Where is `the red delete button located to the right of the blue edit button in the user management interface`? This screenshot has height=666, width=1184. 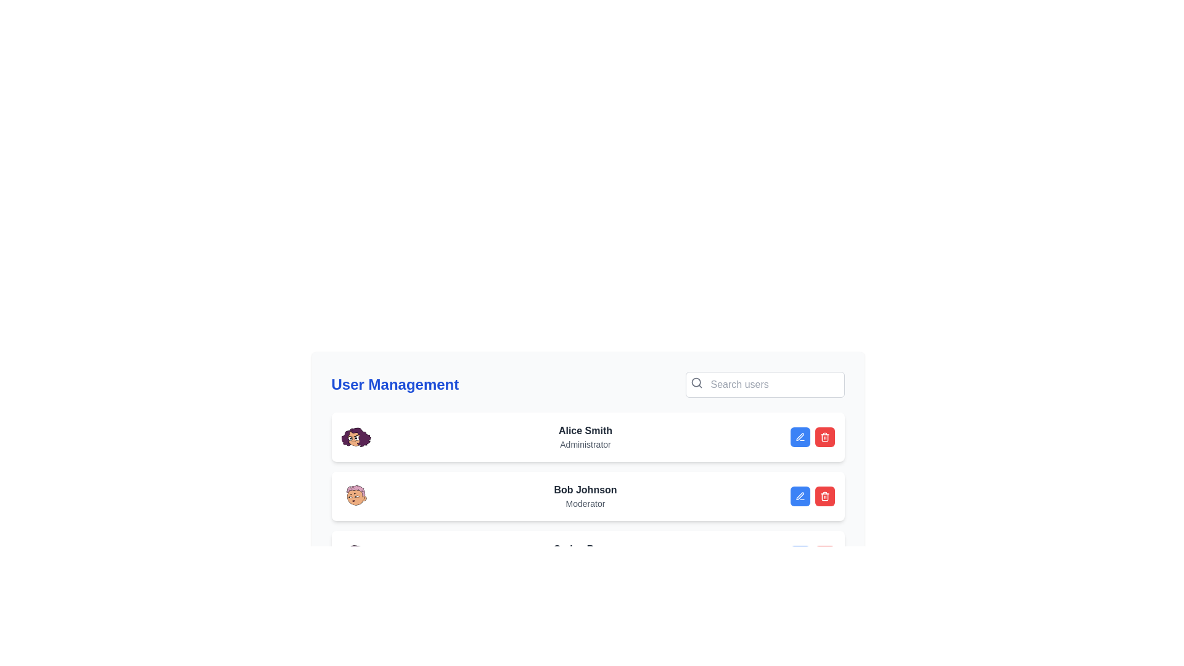 the red delete button located to the right of the blue edit button in the user management interface is located at coordinates (824, 496).